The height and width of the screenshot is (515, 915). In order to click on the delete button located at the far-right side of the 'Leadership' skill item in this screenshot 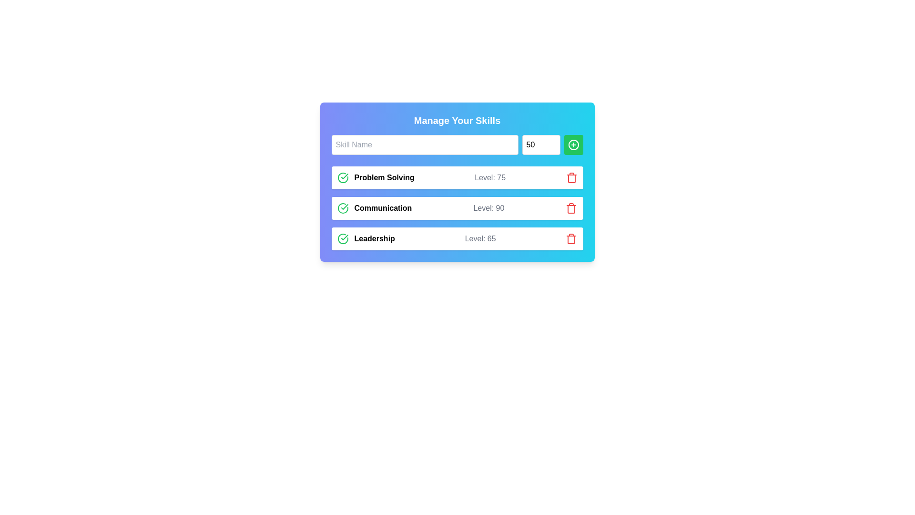, I will do `click(571, 238)`.